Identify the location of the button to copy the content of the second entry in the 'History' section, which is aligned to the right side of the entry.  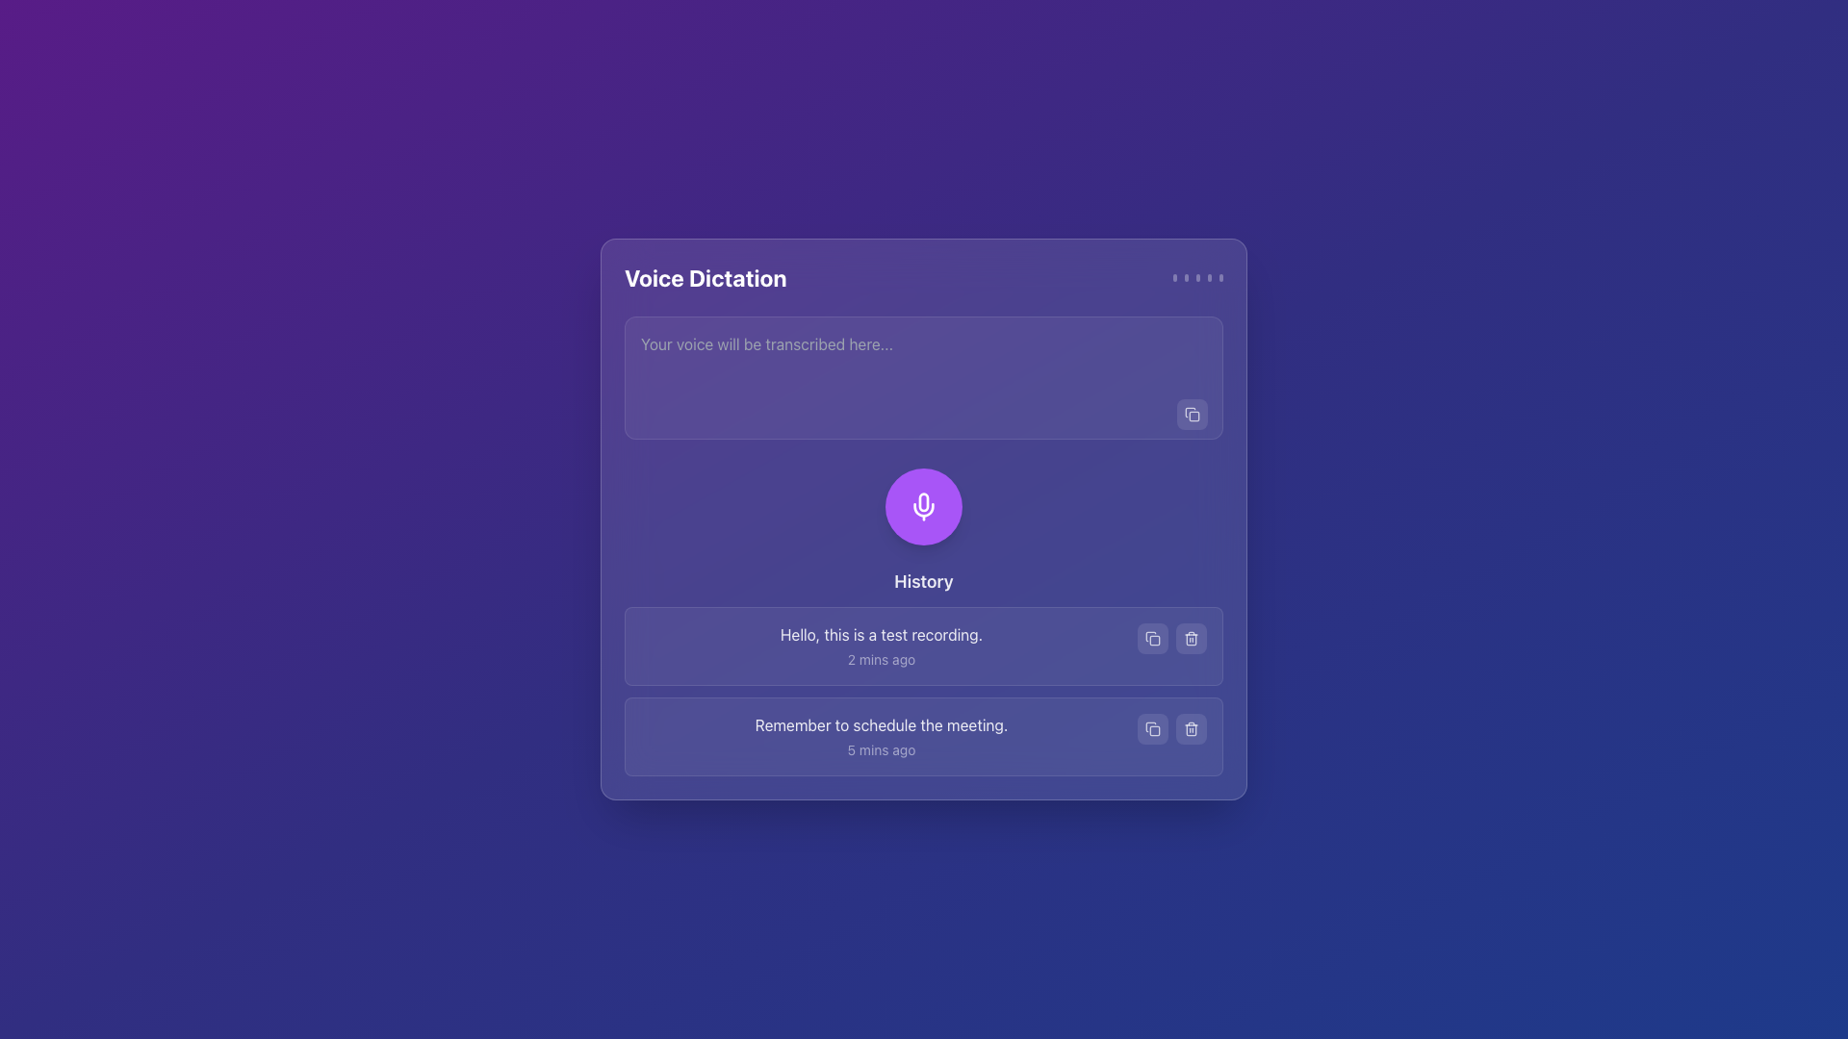
(1153, 638).